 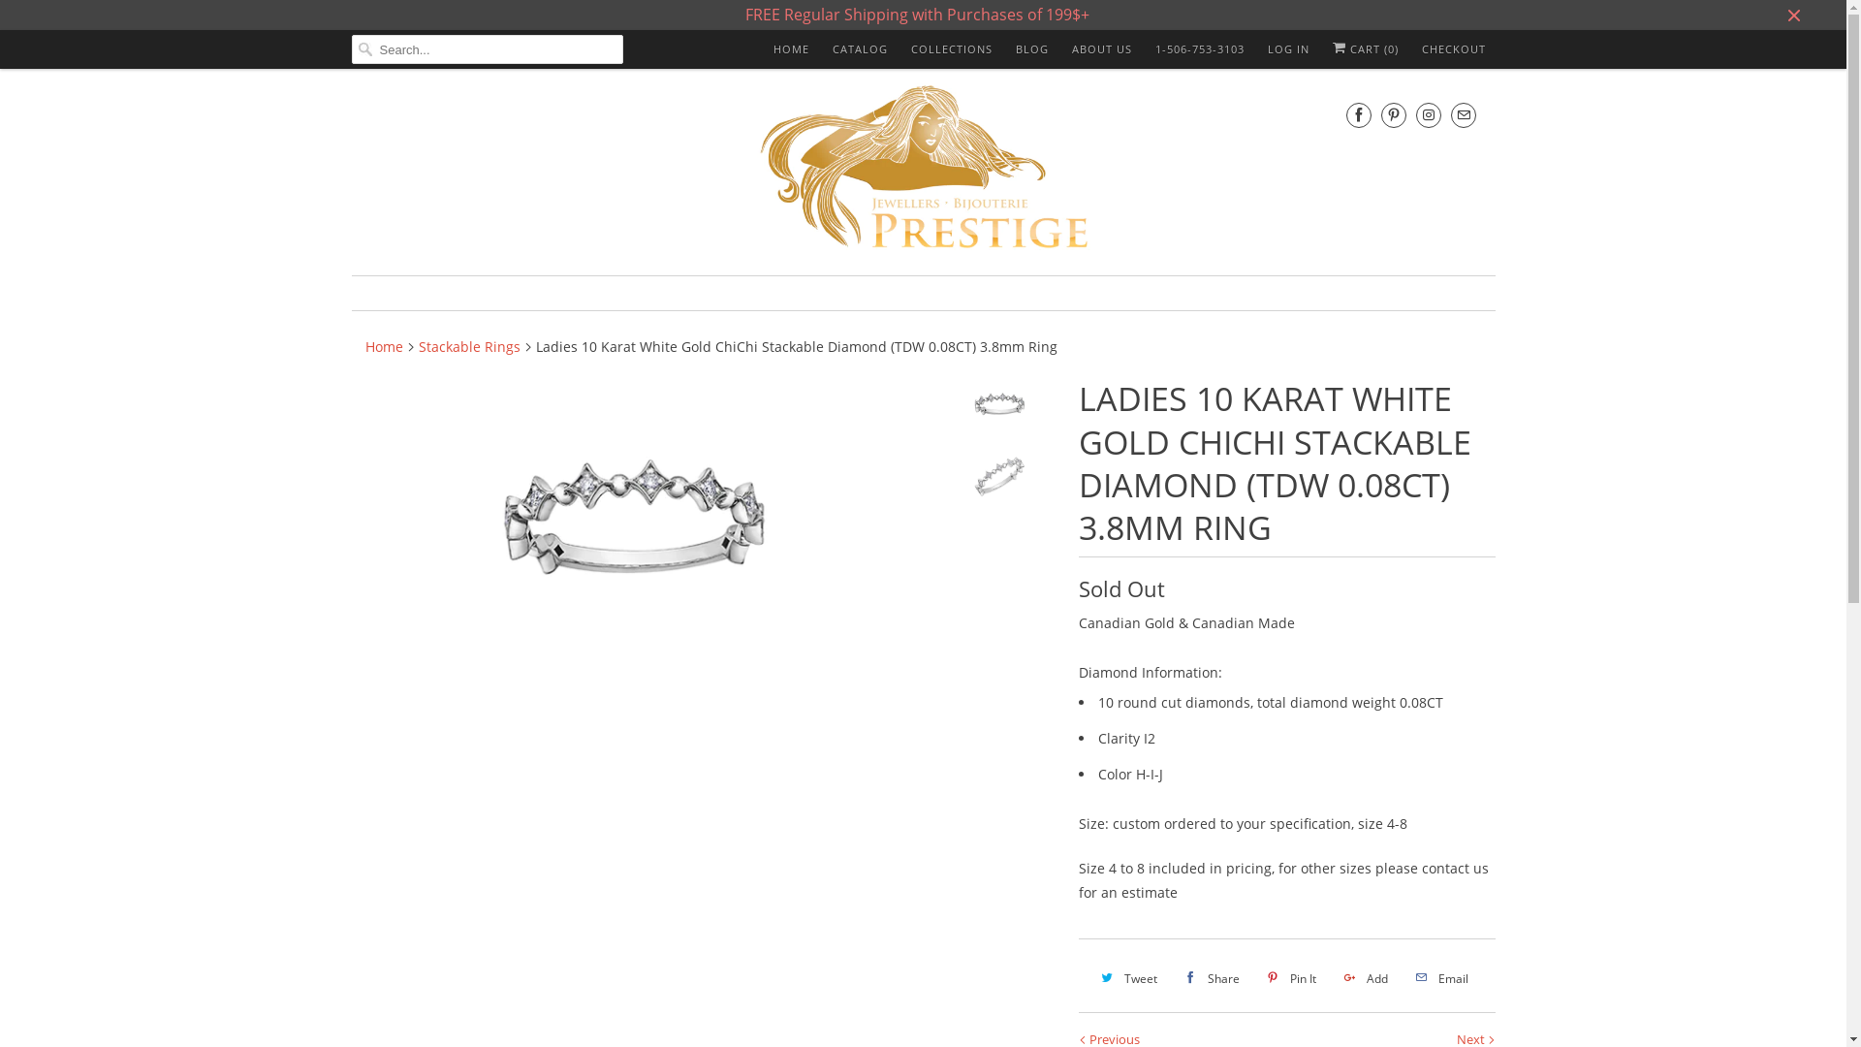 I want to click on 'CATALOG', so click(x=858, y=48).